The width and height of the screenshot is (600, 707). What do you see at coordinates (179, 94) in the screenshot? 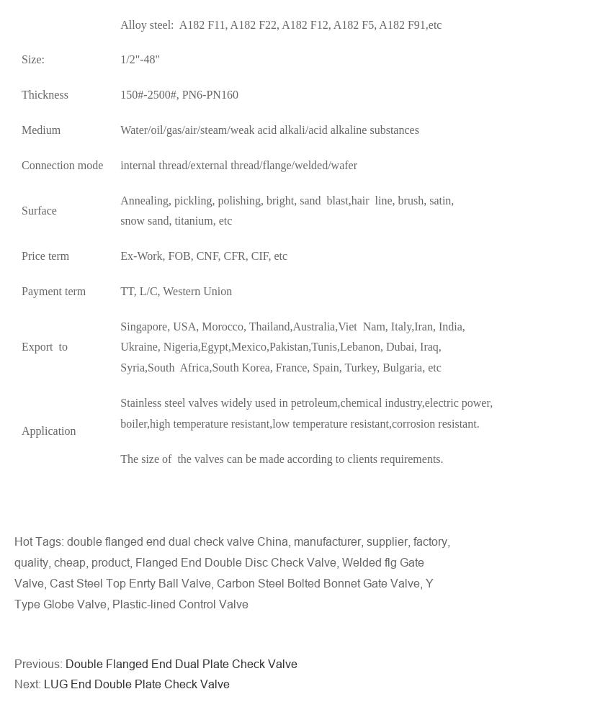
I see `'150#-2500#, PN6-PN160'` at bounding box center [179, 94].